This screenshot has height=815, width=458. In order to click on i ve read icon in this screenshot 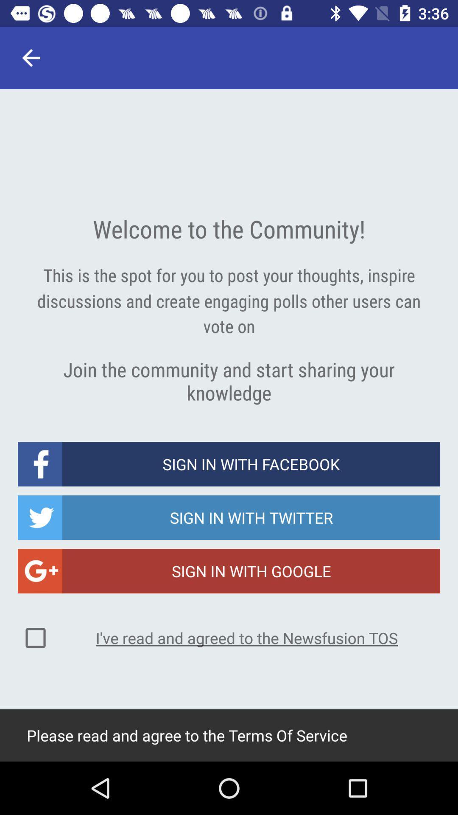, I will do `click(247, 638)`.